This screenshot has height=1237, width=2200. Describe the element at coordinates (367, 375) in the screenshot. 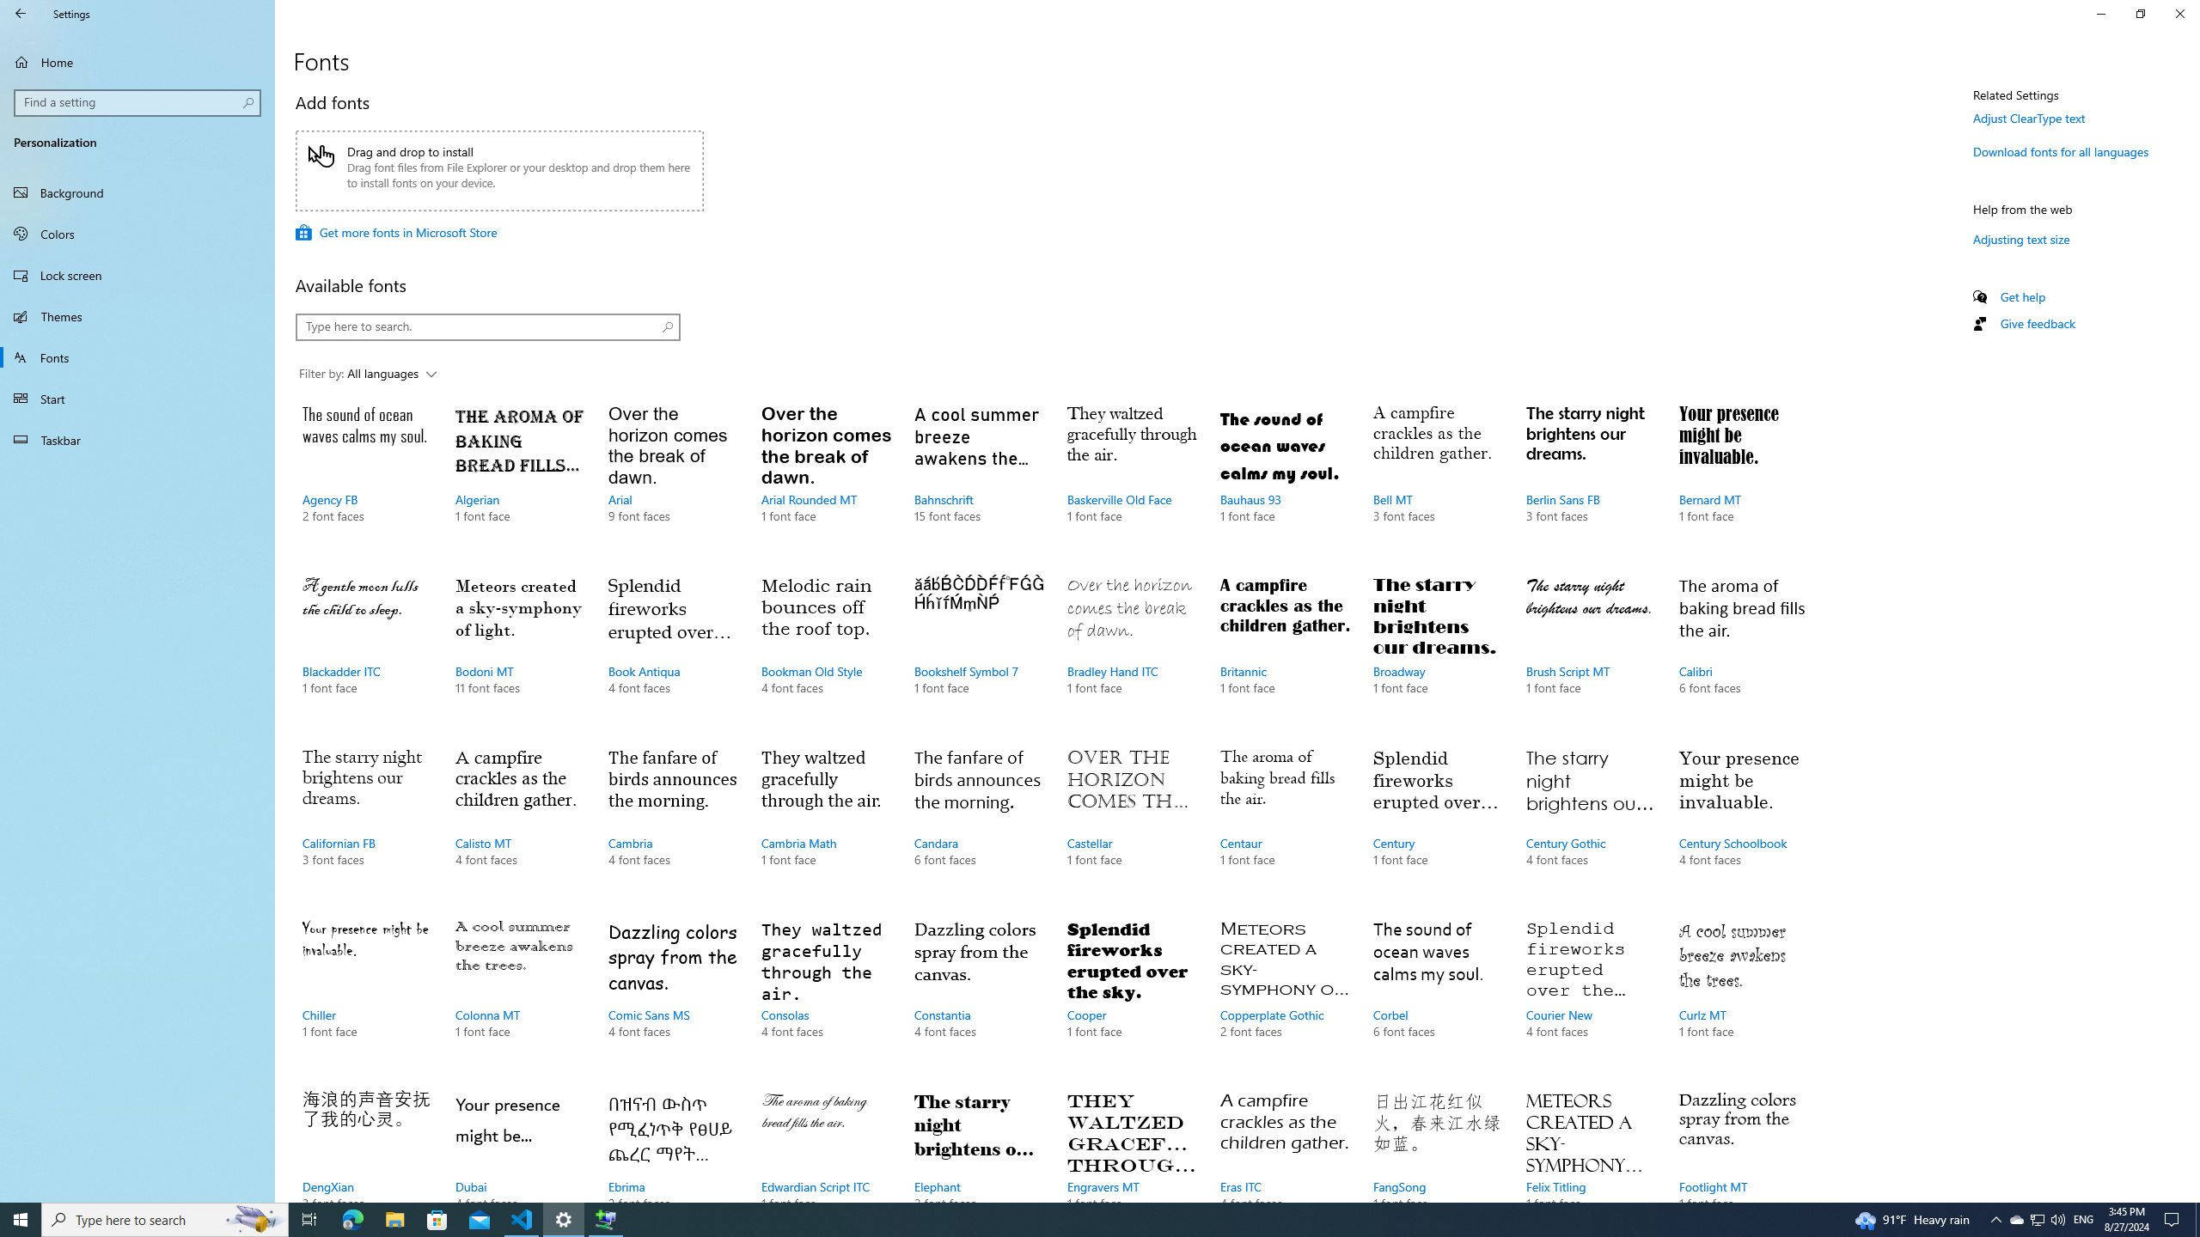

I see `'Filter by: All languages'` at that location.